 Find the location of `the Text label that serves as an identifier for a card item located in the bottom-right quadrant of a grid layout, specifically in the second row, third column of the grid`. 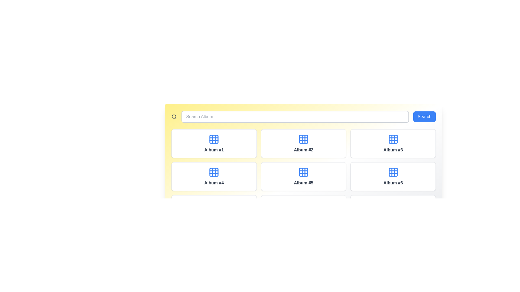

the Text label that serves as an identifier for a card item located in the bottom-right quadrant of a grid layout, specifically in the second row, third column of the grid is located at coordinates (303, 183).